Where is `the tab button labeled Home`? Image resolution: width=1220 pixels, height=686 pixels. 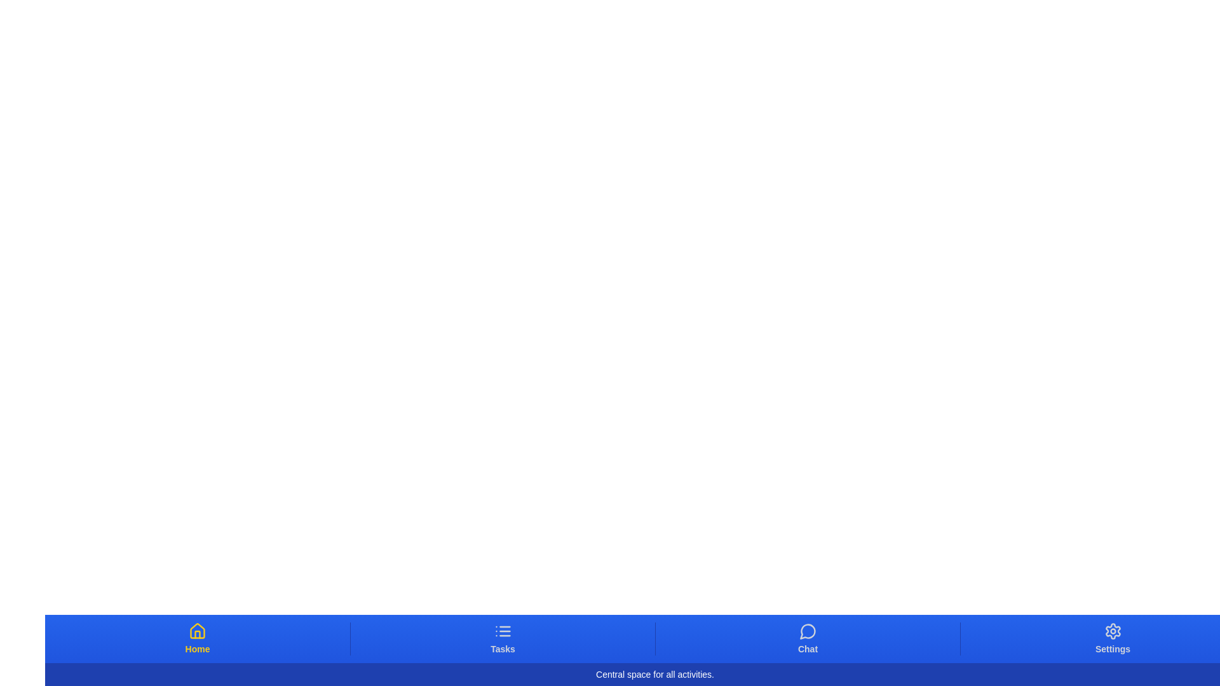 the tab button labeled Home is located at coordinates (197, 639).